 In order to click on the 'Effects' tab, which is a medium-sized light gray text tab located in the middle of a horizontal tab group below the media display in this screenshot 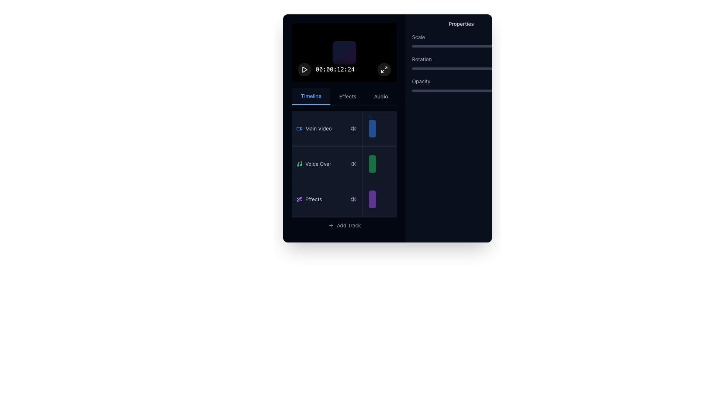, I will do `click(347, 96)`.